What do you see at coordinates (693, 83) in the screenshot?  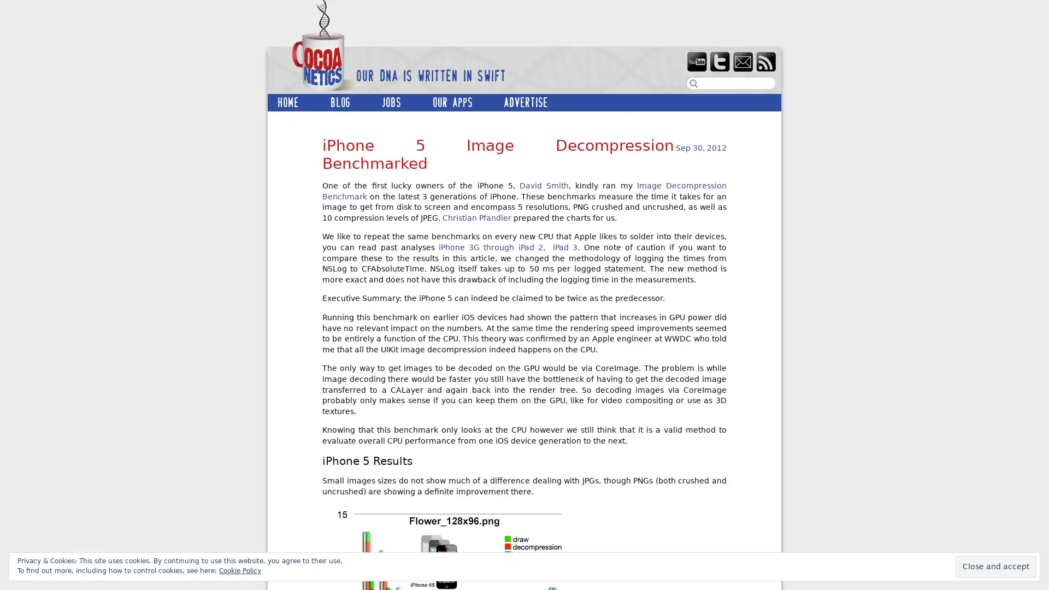 I see `search button` at bounding box center [693, 83].